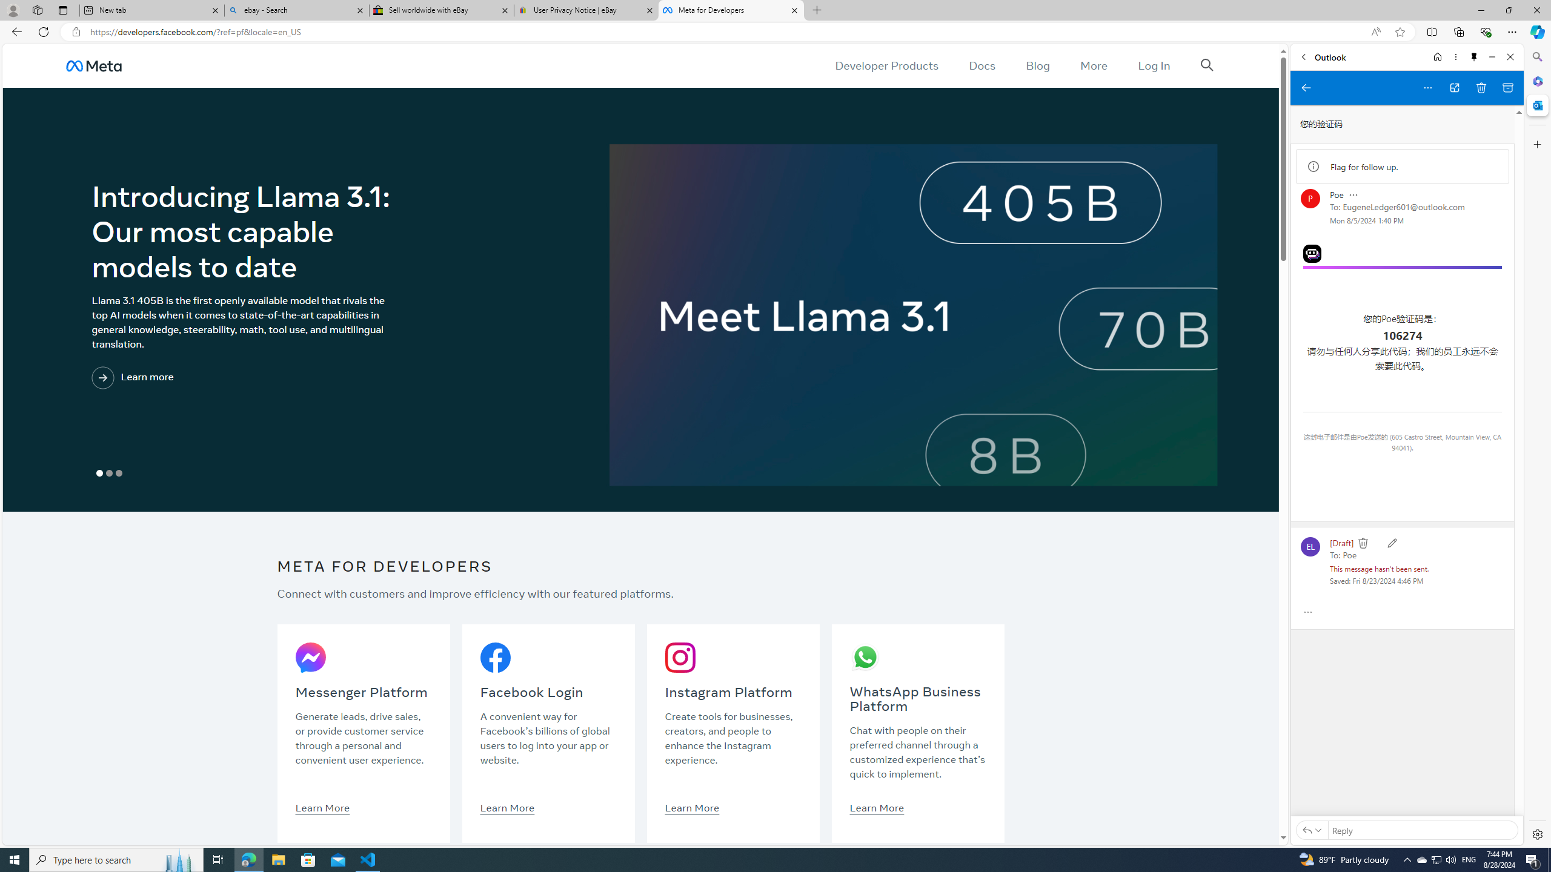 Image resolution: width=1551 pixels, height=872 pixels. What do you see at coordinates (1366, 220) in the screenshot?
I see `'Received on Mon 8/5/2024 1:40 PM'` at bounding box center [1366, 220].